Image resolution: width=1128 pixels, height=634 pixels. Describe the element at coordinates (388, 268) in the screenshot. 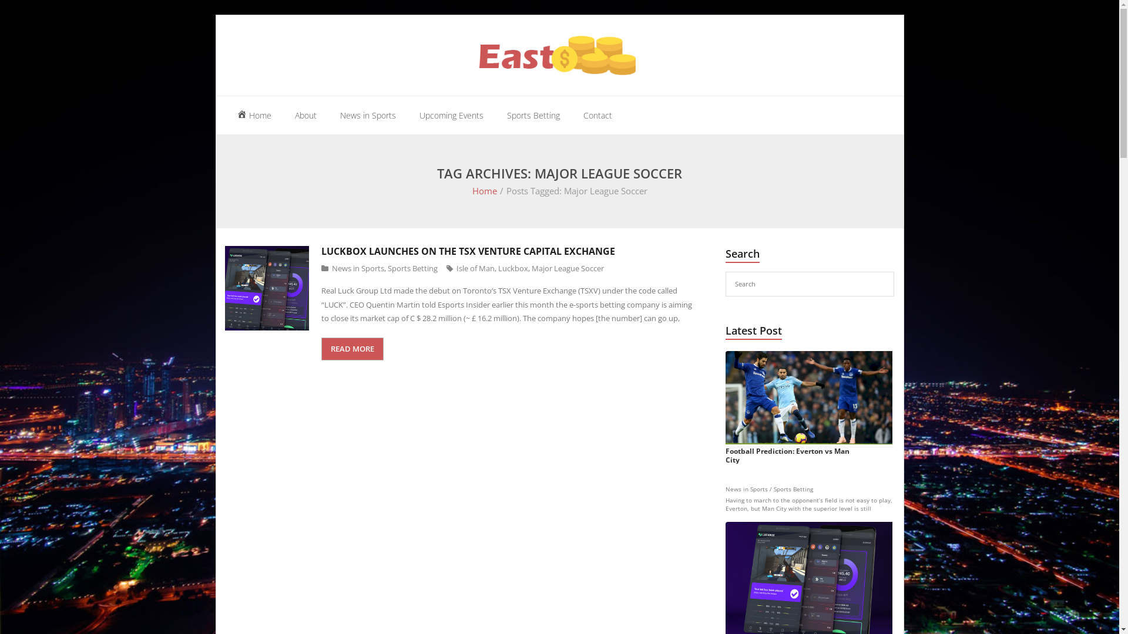

I see `'Sports Betting'` at that location.